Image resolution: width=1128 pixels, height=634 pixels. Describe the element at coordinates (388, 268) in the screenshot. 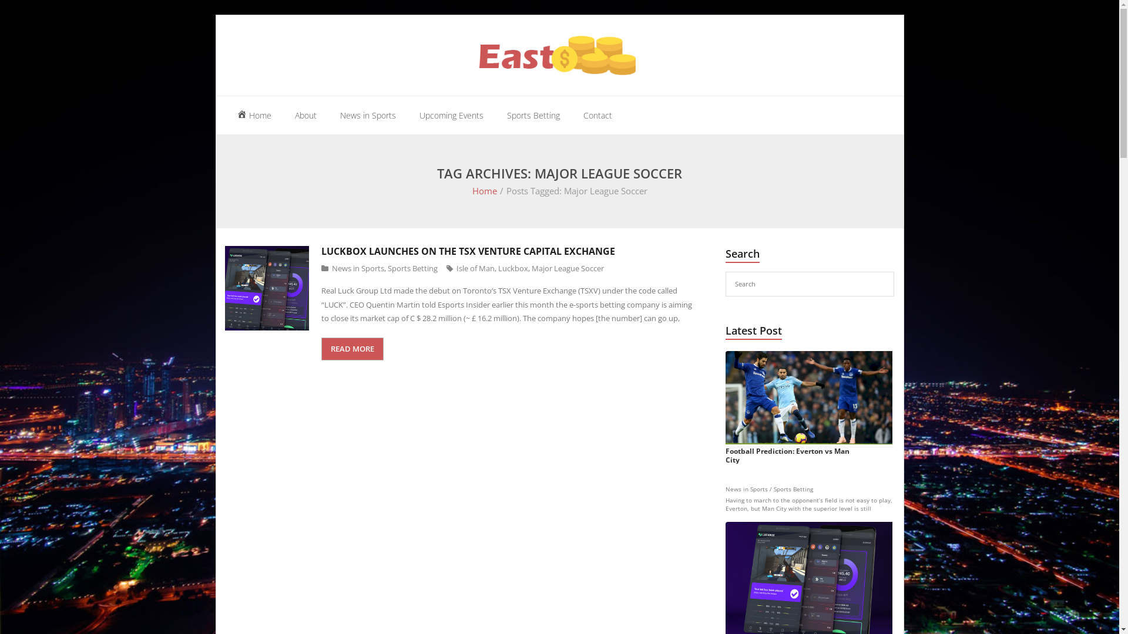

I see `'Sports Betting'` at that location.